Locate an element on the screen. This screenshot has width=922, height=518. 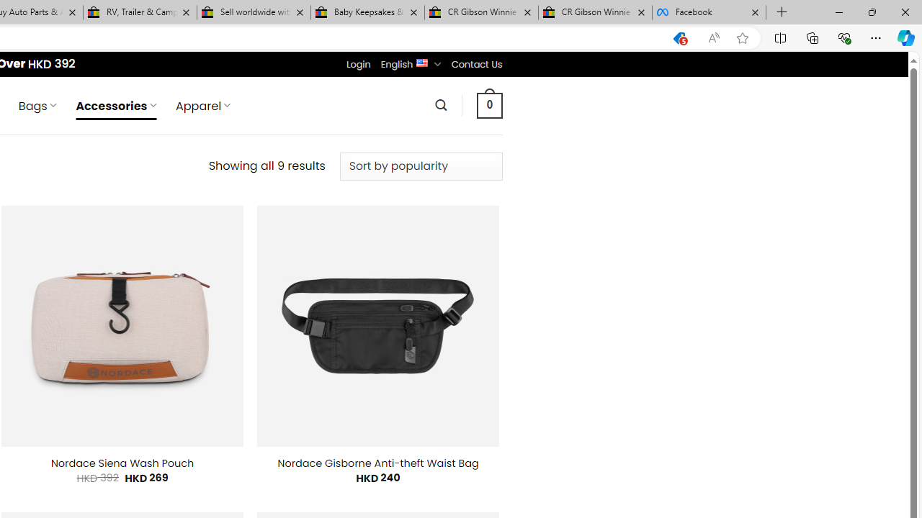
' 0 ' is located at coordinates (489, 104).